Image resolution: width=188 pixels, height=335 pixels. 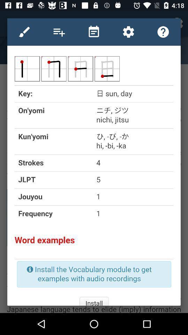 What do you see at coordinates (94, 32) in the screenshot?
I see `open schedule` at bounding box center [94, 32].